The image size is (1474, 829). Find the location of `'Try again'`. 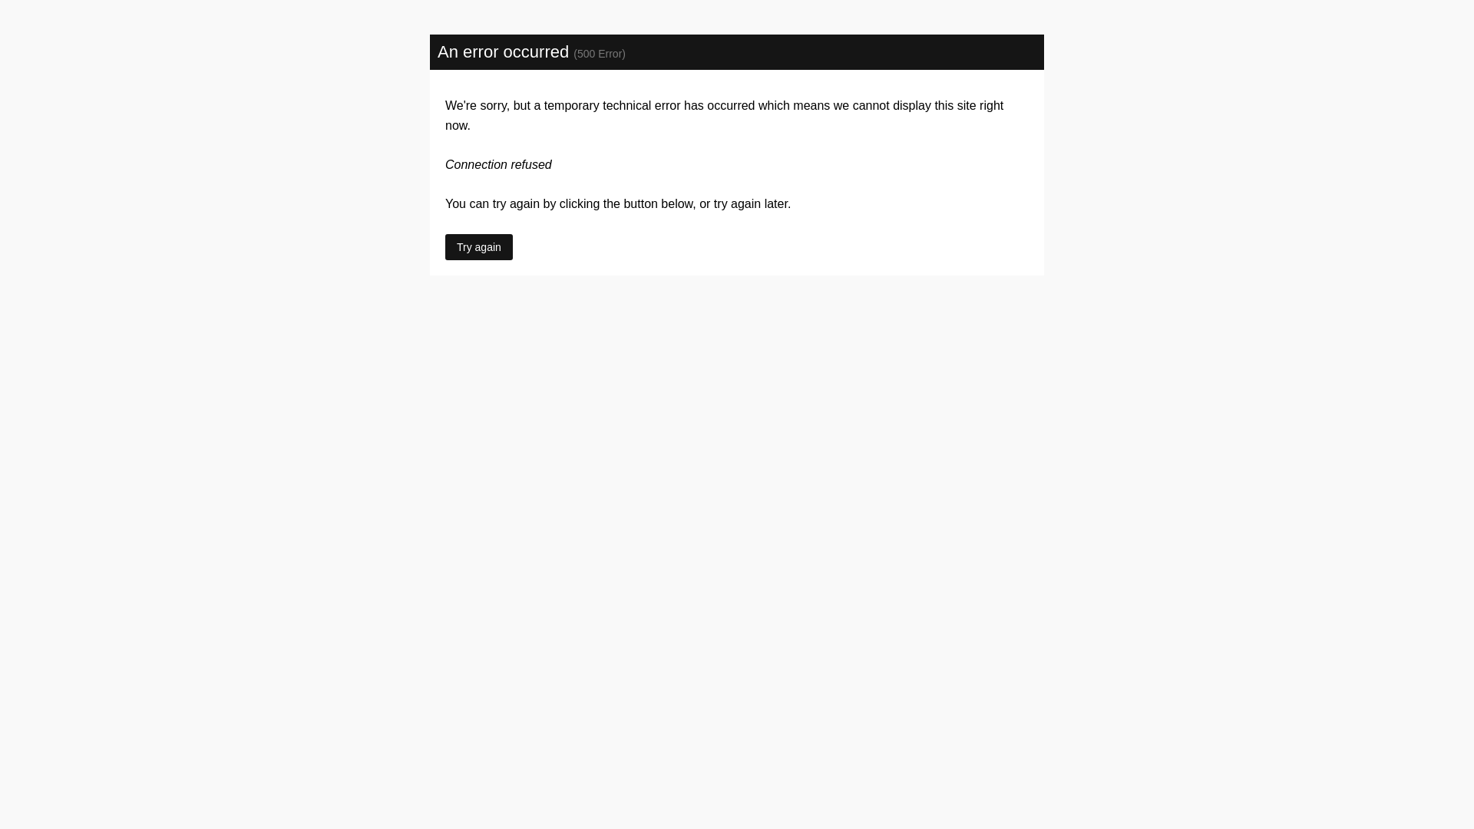

'Try again' is located at coordinates (478, 246).